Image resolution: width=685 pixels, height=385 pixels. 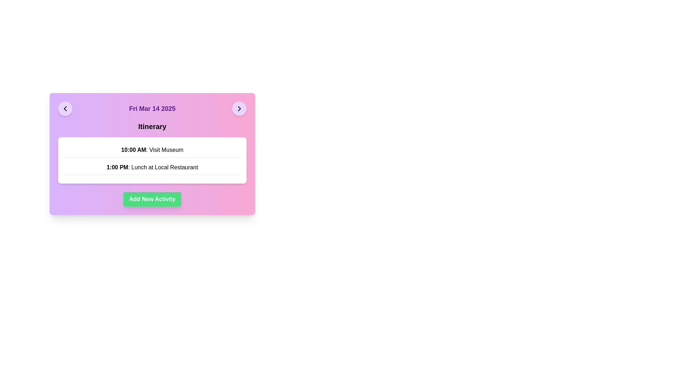 I want to click on the left-facing chevron icon located at the top-left corner of the card component, so click(x=65, y=108).